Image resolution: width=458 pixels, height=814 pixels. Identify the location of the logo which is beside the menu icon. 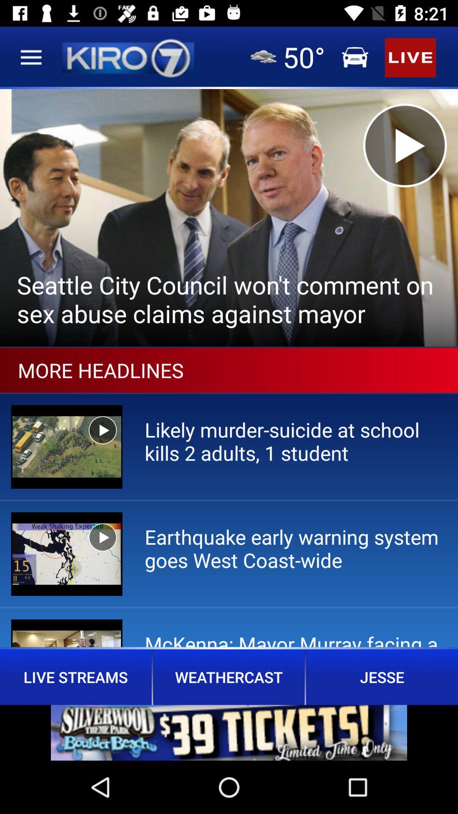
(128, 57).